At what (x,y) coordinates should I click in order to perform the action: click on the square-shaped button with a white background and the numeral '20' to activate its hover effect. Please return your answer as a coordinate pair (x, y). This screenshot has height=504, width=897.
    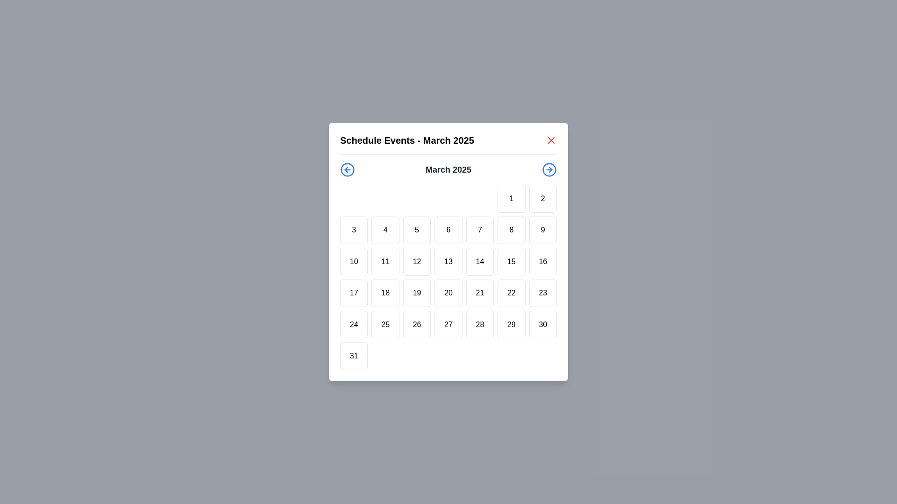
    Looking at the image, I should click on (448, 293).